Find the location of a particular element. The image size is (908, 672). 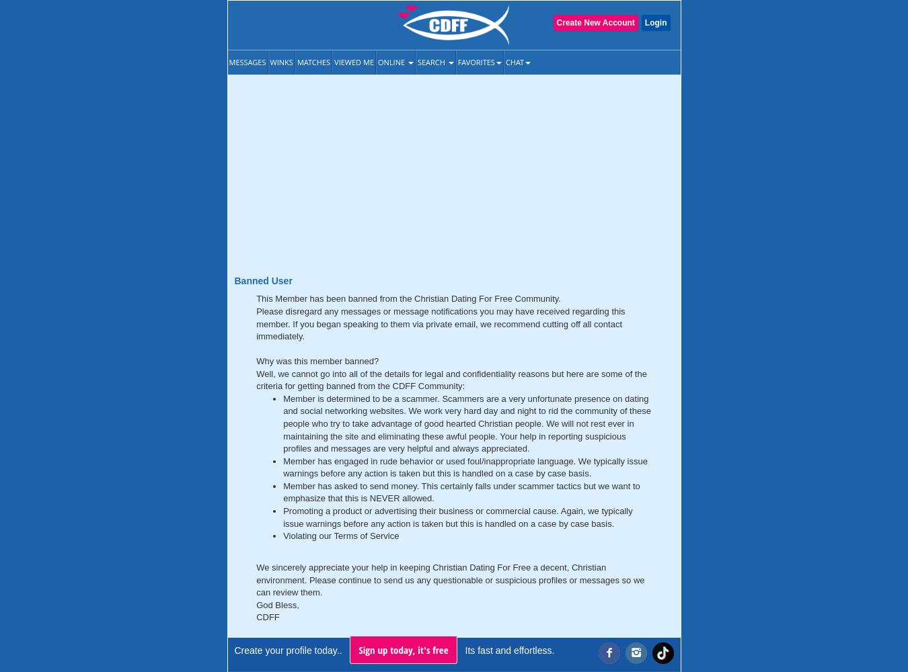

'Promoting a product or advertising their business or commercial cause. Again, we typically issue warnings before any action is taken but this is handled on a case by case basis.' is located at coordinates (283, 517).